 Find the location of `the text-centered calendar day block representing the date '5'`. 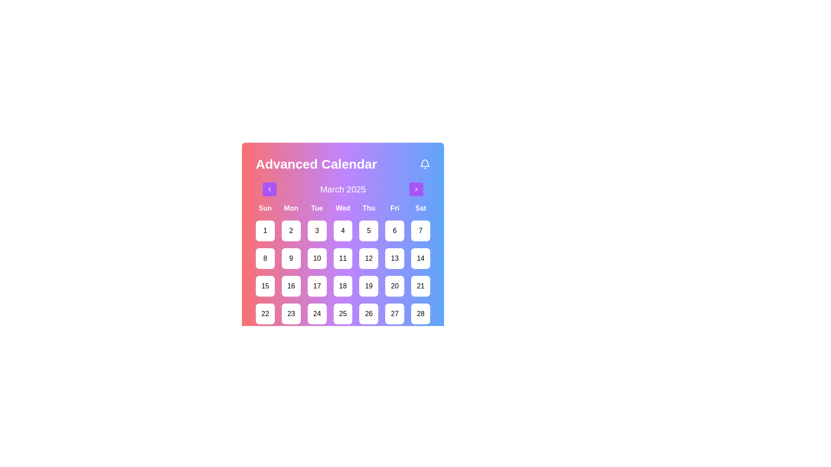

the text-centered calendar day block representing the date '5' is located at coordinates (369, 230).